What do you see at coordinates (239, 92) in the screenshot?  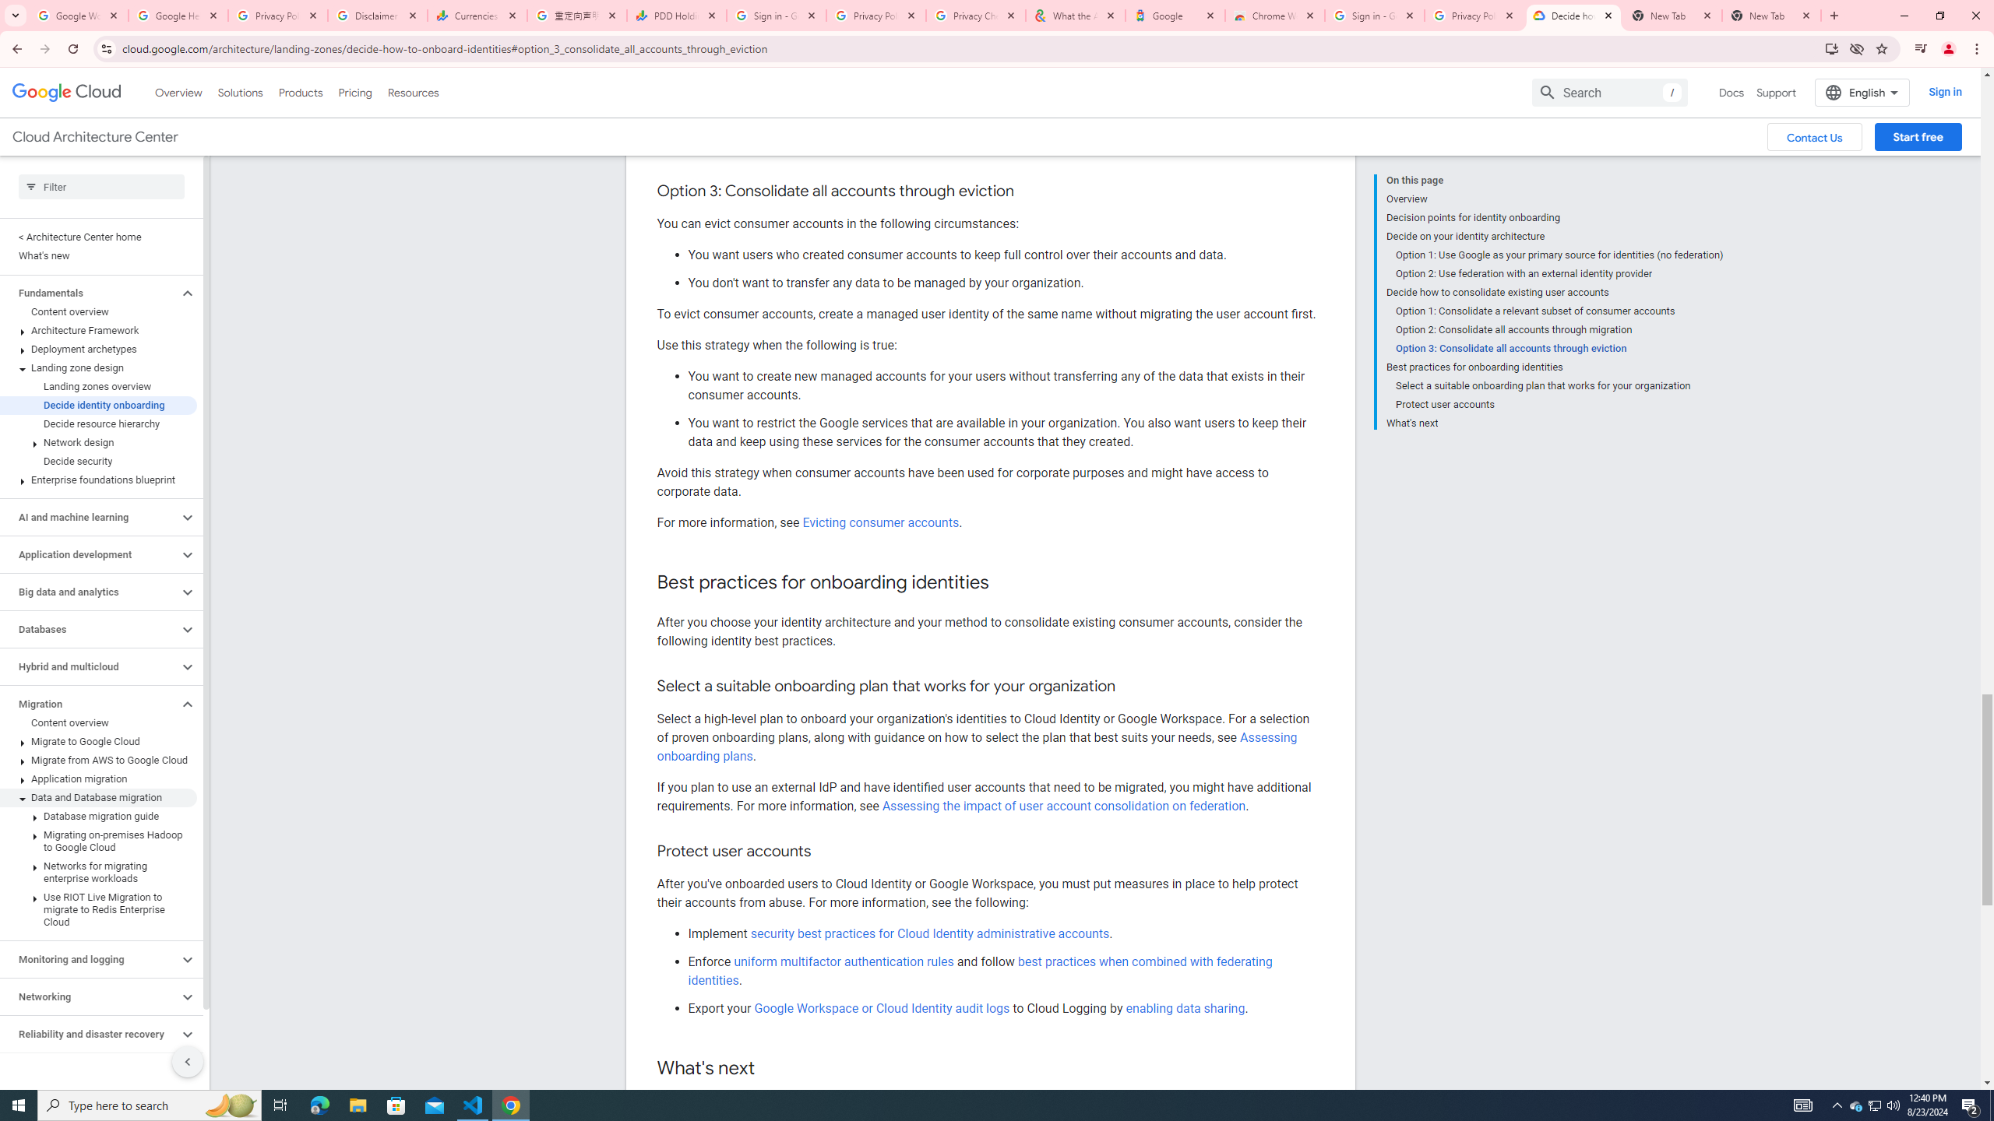 I see `'Solutions'` at bounding box center [239, 92].